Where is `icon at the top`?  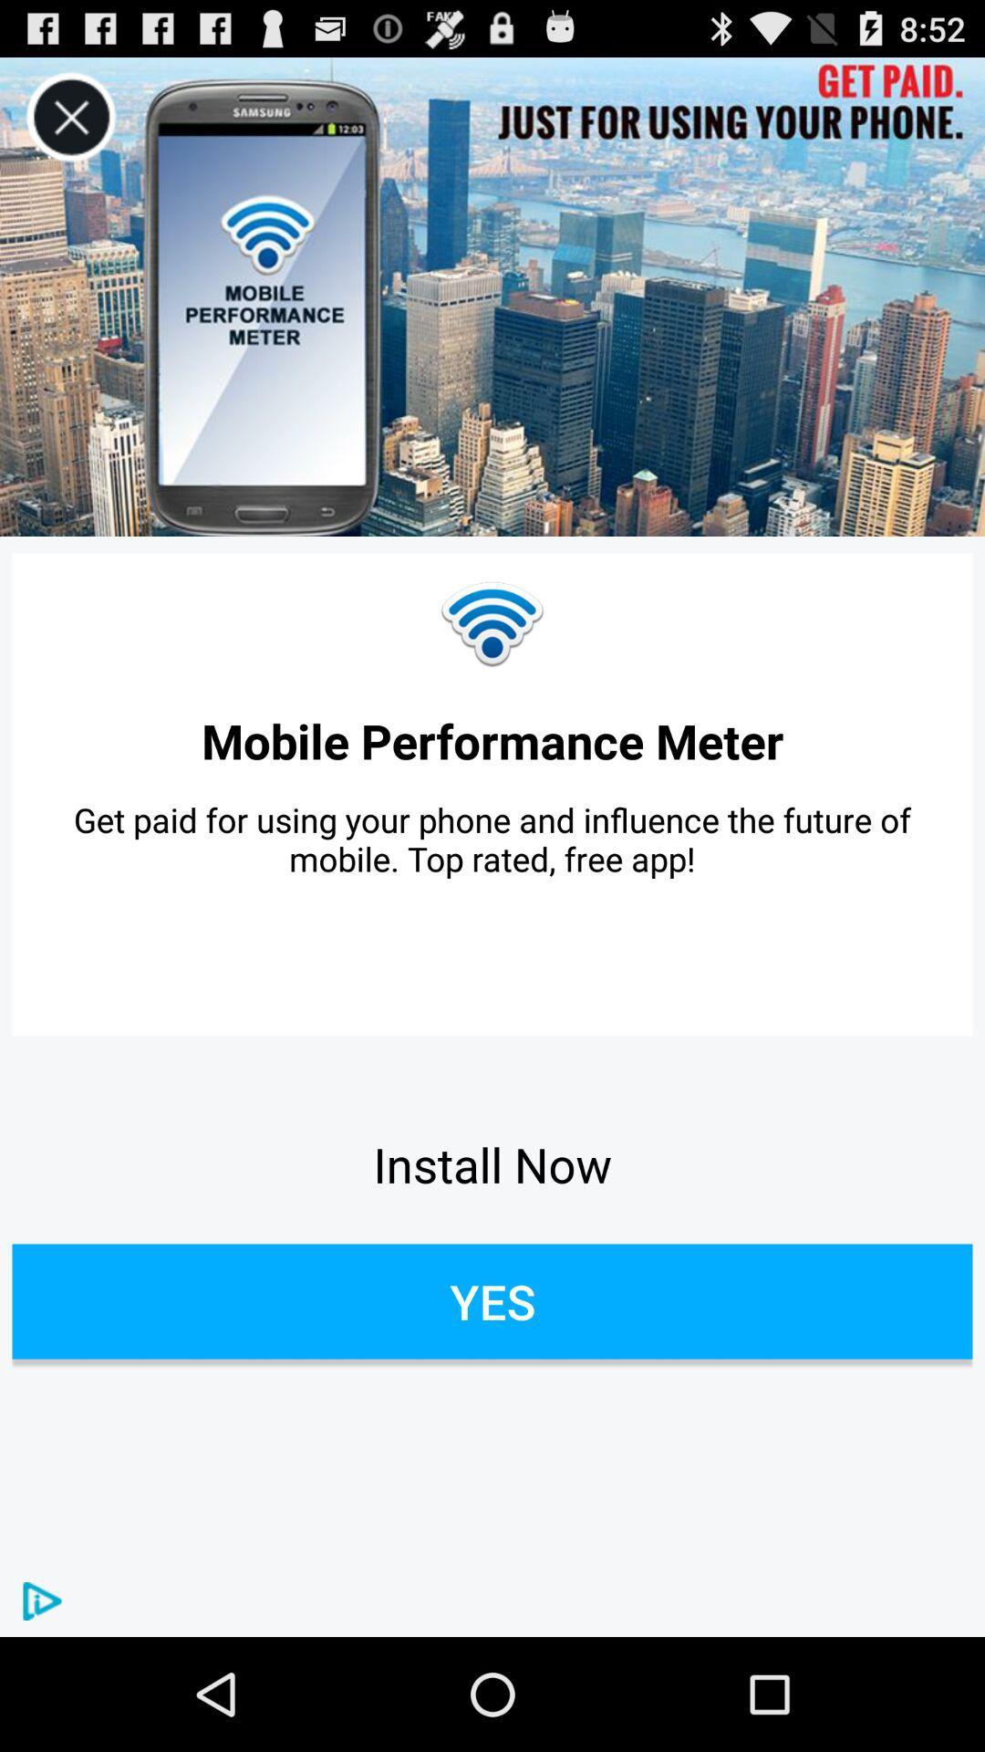
icon at the top is located at coordinates (493, 297).